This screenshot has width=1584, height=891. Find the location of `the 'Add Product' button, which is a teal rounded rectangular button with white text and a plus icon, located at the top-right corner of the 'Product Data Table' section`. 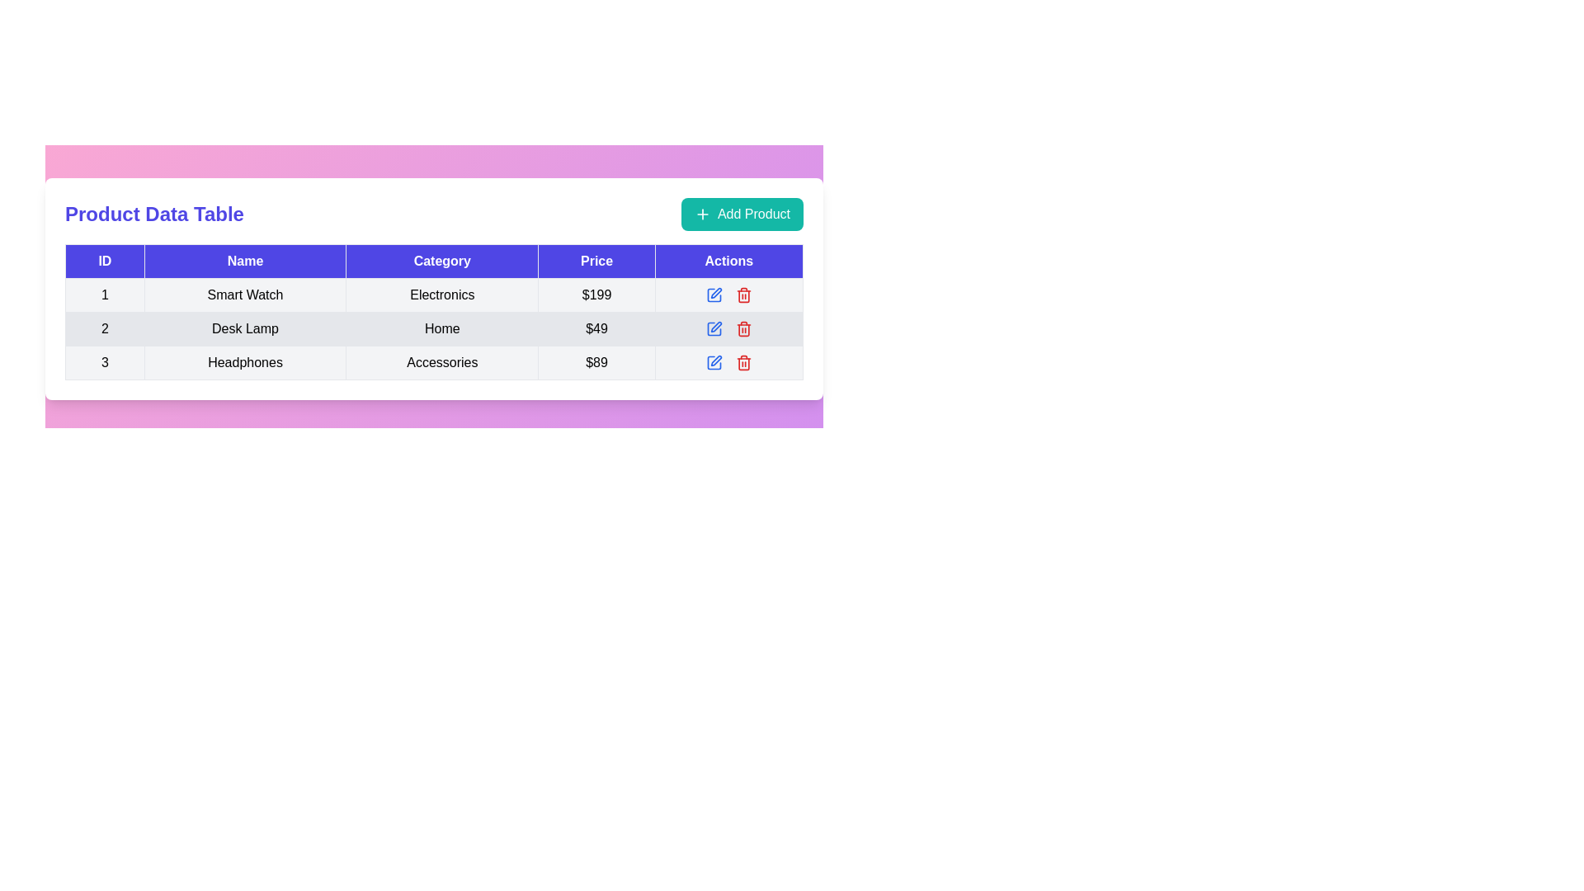

the 'Add Product' button, which is a teal rounded rectangular button with white text and a plus icon, located at the top-right corner of the 'Product Data Table' section is located at coordinates (741, 213).